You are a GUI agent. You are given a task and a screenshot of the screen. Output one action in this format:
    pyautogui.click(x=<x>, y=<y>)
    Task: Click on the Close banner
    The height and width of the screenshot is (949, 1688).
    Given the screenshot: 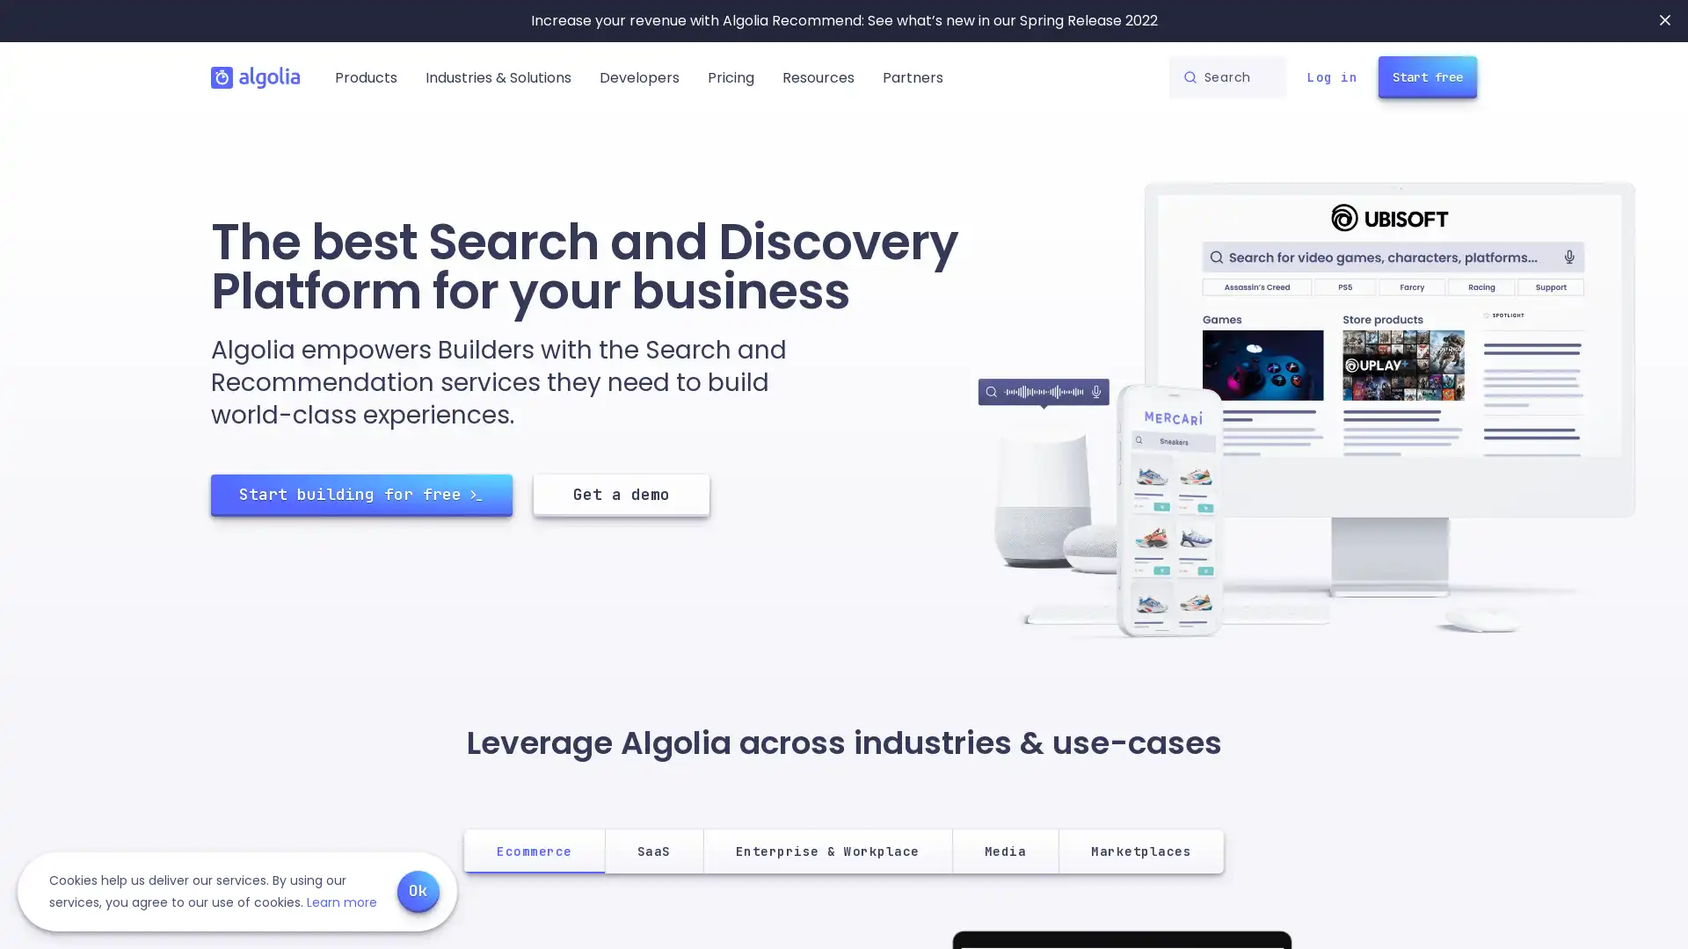 What is the action you would take?
    pyautogui.click(x=1664, y=20)
    